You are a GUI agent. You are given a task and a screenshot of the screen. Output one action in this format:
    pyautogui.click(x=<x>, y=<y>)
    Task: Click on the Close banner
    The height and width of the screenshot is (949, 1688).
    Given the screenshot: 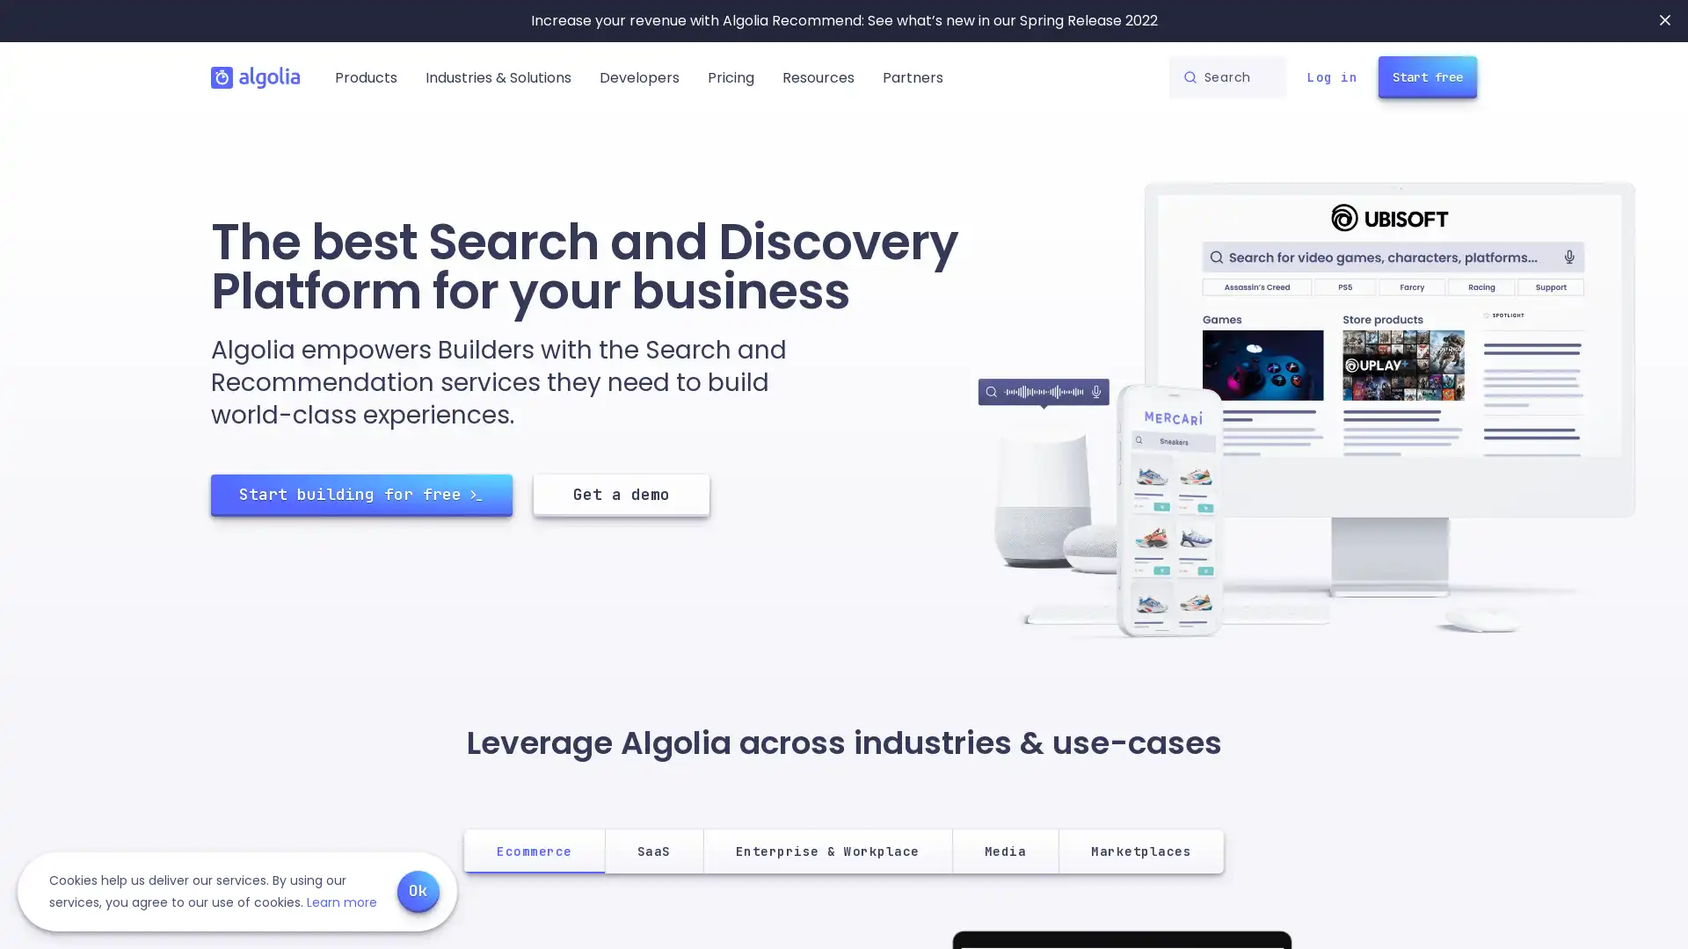 What is the action you would take?
    pyautogui.click(x=1664, y=20)
    